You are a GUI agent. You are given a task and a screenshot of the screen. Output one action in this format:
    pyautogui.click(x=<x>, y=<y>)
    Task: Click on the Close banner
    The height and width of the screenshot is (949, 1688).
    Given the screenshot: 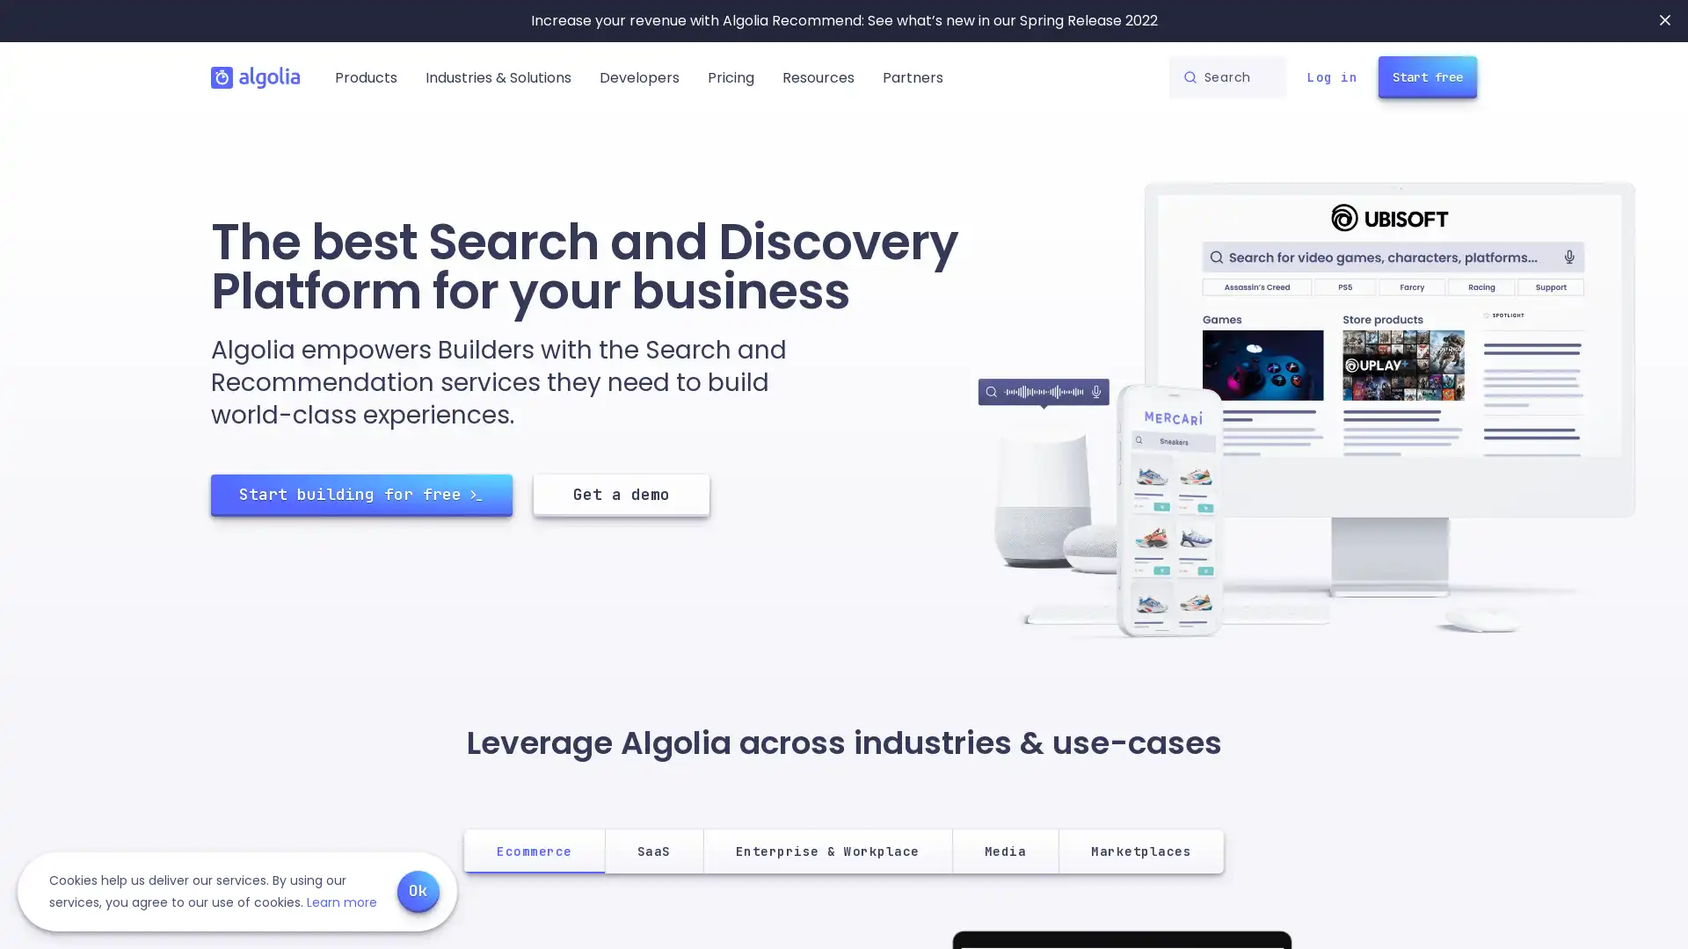 What is the action you would take?
    pyautogui.click(x=1664, y=20)
    